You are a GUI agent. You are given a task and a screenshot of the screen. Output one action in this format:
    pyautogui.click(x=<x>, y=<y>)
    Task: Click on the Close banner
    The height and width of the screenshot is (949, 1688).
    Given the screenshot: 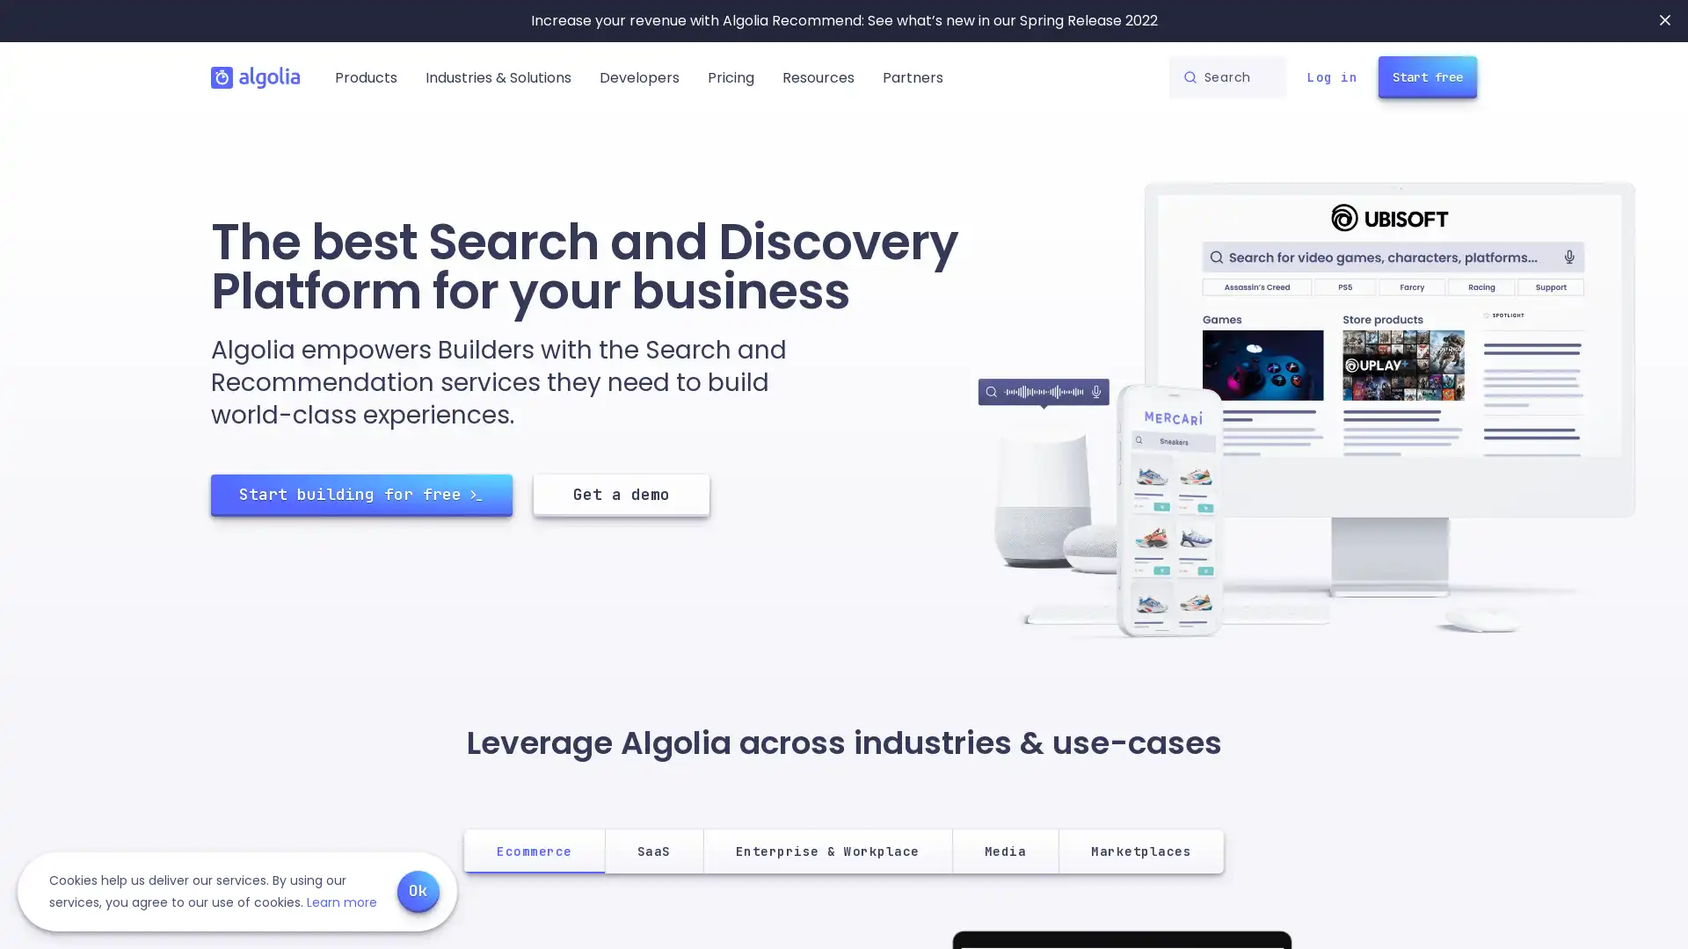 What is the action you would take?
    pyautogui.click(x=1664, y=20)
    